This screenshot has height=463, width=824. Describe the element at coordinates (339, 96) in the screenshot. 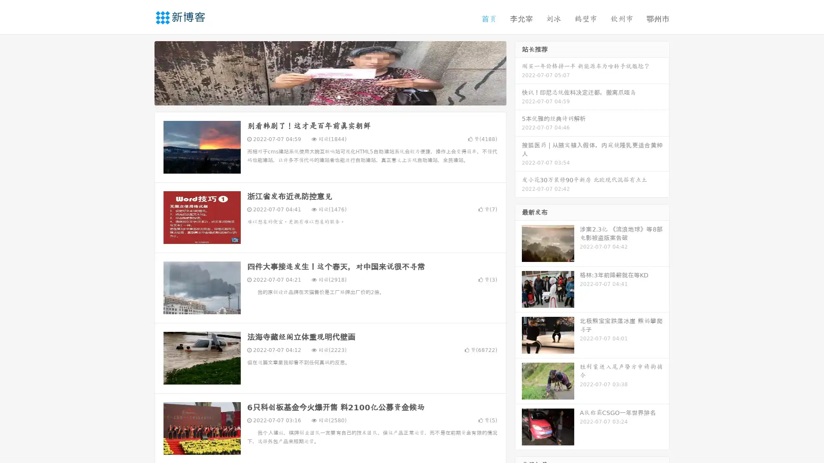

I see `Go to slide 3` at that location.